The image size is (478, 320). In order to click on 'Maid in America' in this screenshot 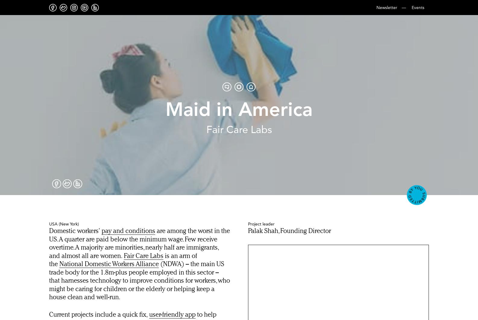, I will do `click(239, 109)`.